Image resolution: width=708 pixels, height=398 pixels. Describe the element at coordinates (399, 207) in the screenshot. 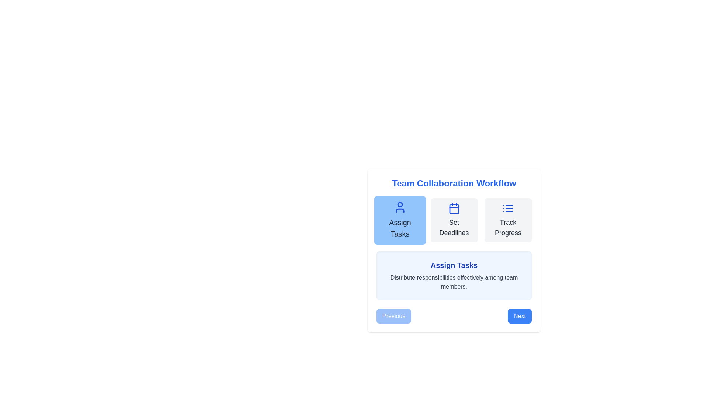

I see `the user icon, which is a blue head and shoulders silhouette located at the center-top of the 'Assign Tasks' card, for additional details` at that location.